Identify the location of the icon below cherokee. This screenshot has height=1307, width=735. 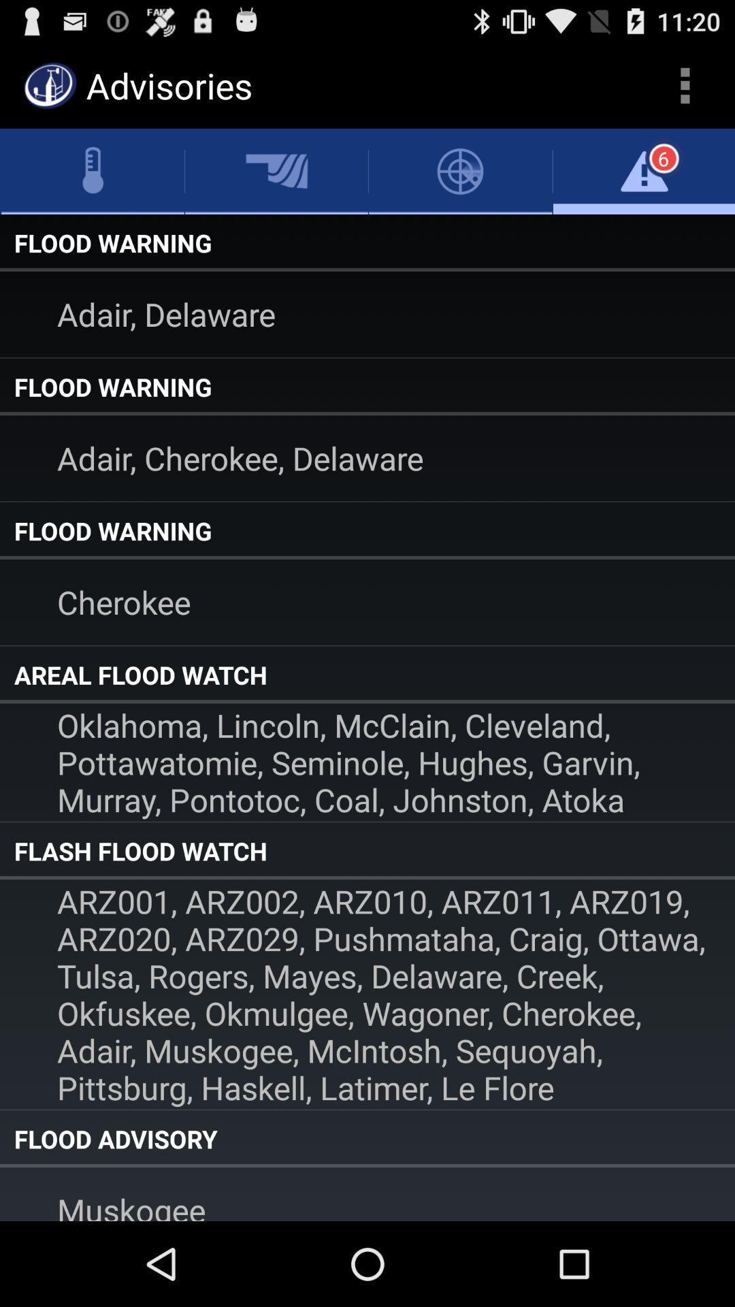
(367, 675).